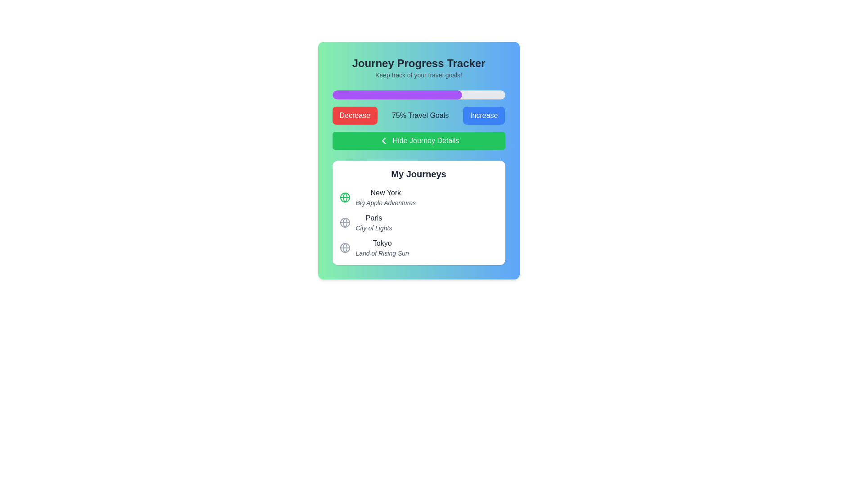 The height and width of the screenshot is (486, 864). What do you see at coordinates (382, 253) in the screenshot?
I see `the Text label that provides additional information about the city 'Tokyo', located underneath the city name in the list of cities` at bounding box center [382, 253].